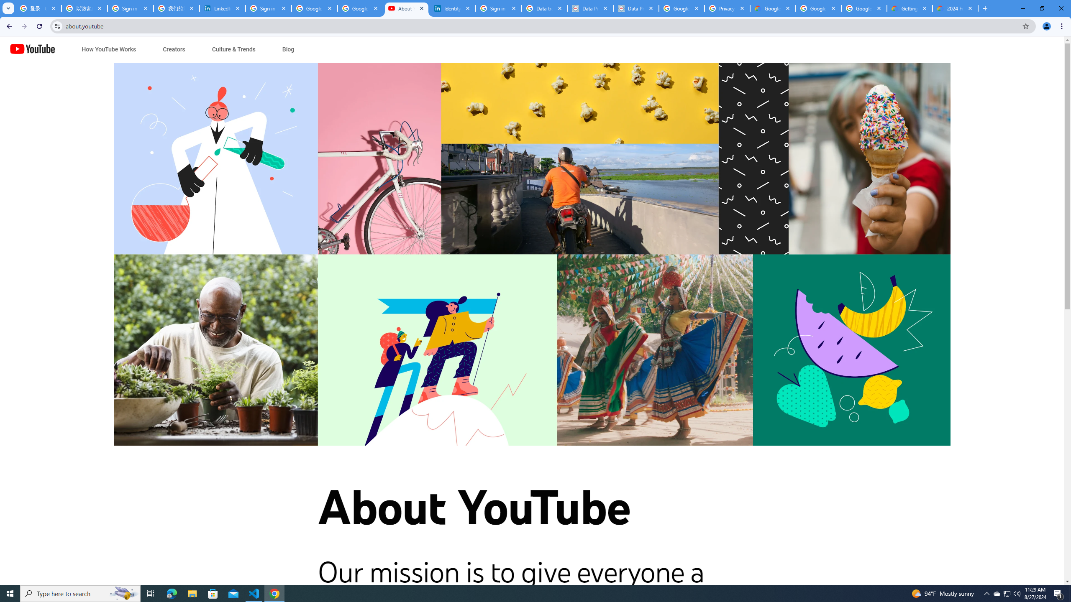  What do you see at coordinates (130, 8) in the screenshot?
I see `'Sign in - Google Accounts'` at bounding box center [130, 8].